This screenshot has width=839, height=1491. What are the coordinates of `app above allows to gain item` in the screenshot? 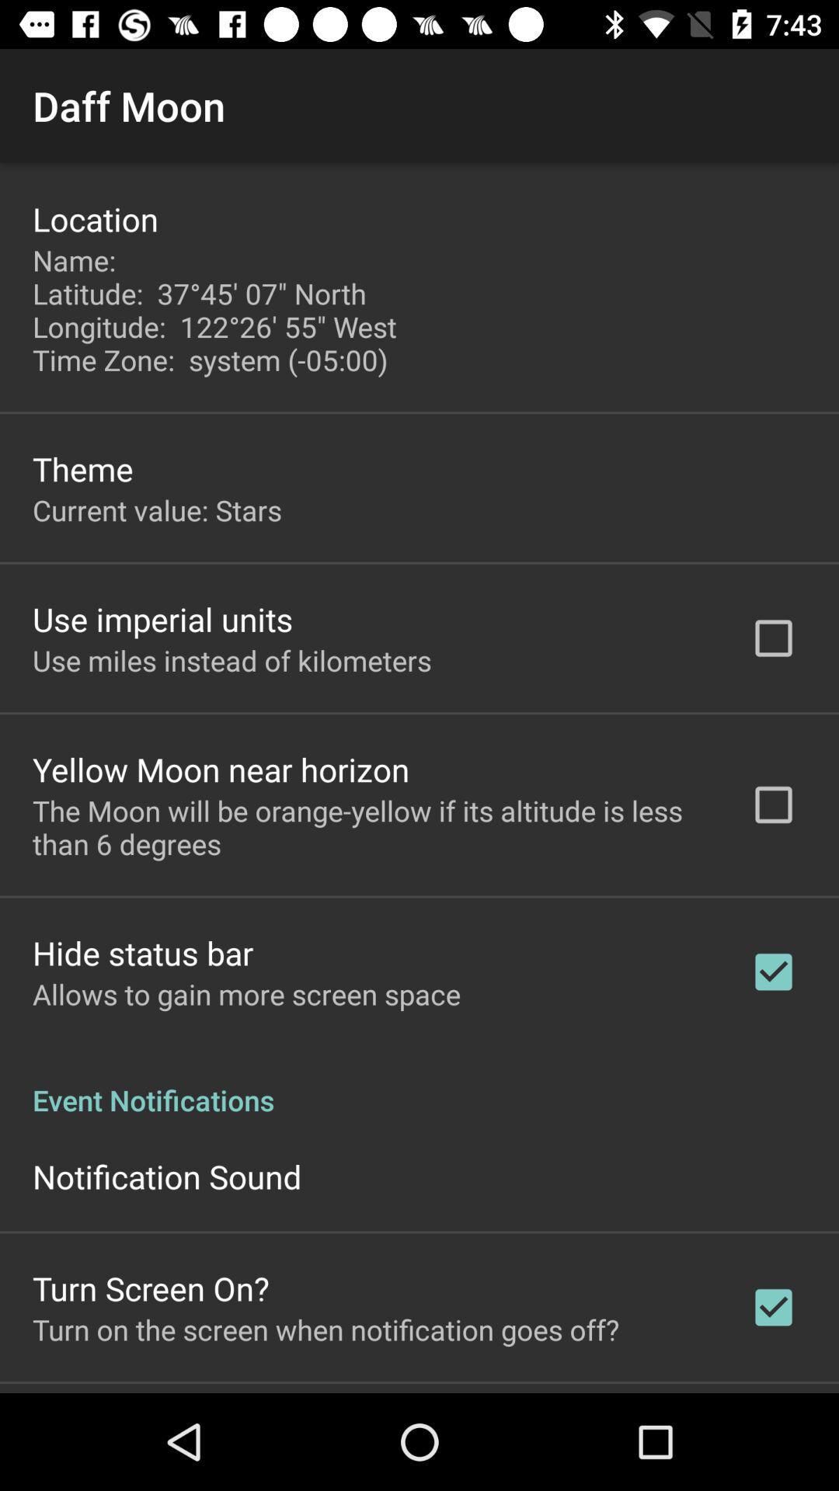 It's located at (143, 952).